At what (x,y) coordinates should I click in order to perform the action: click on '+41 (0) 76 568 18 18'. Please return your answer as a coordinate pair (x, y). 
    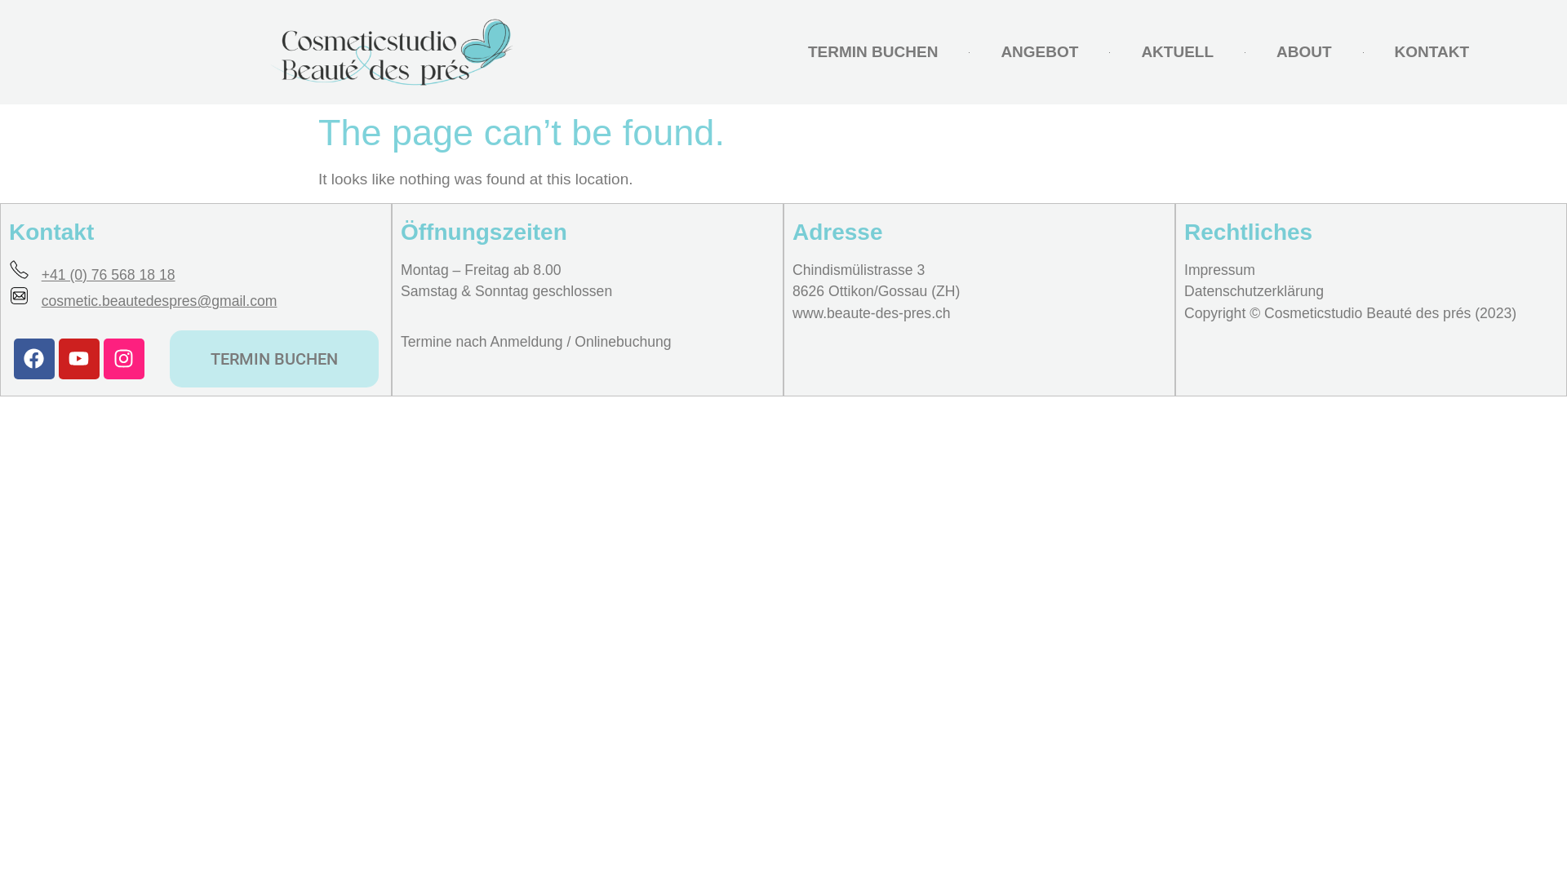
    Looking at the image, I should click on (108, 273).